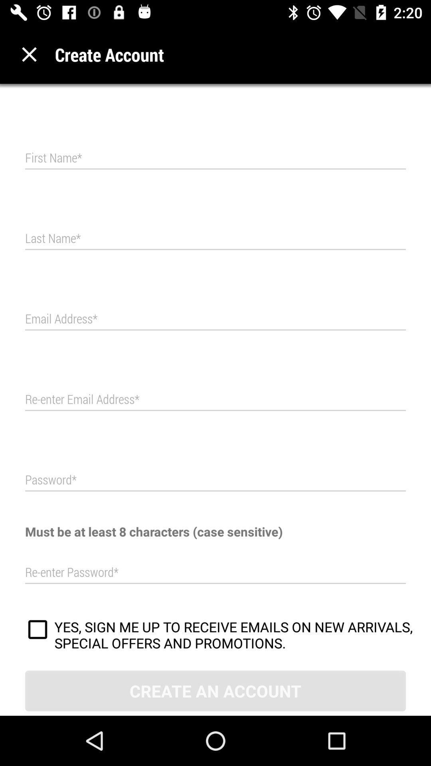 Image resolution: width=431 pixels, height=766 pixels. I want to click on type last name, so click(215, 238).